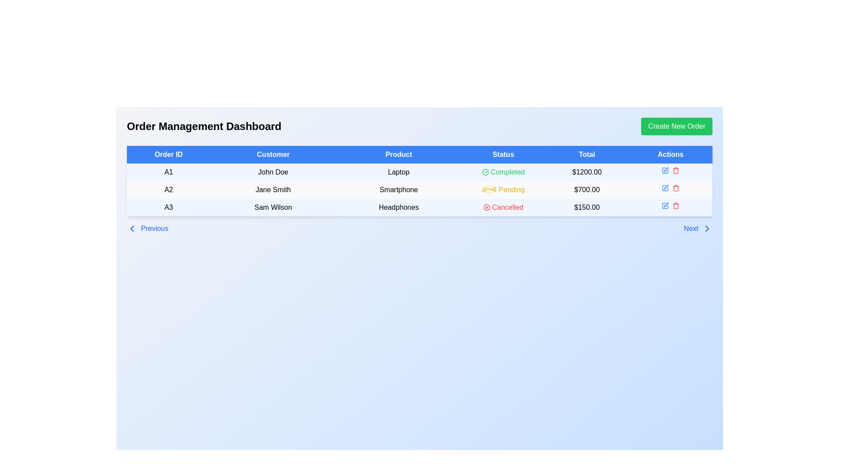 The image size is (846, 476). Describe the element at coordinates (168, 207) in the screenshot. I see `the text content within the first column of the third row in the data table that represents the Order ID` at that location.